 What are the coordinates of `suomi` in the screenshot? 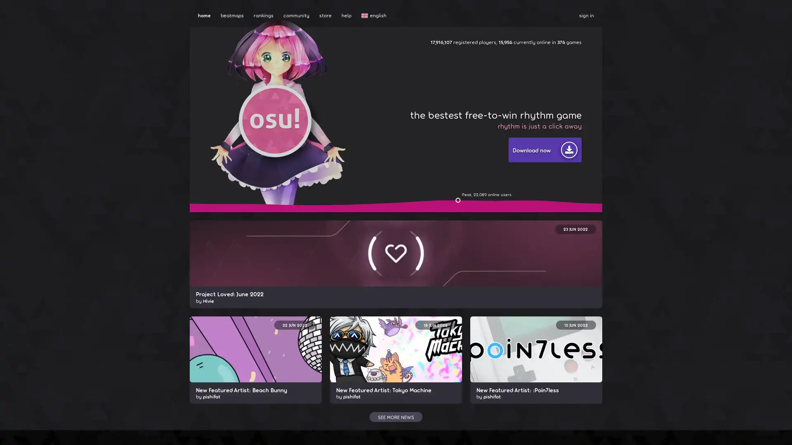 It's located at (386, 122).